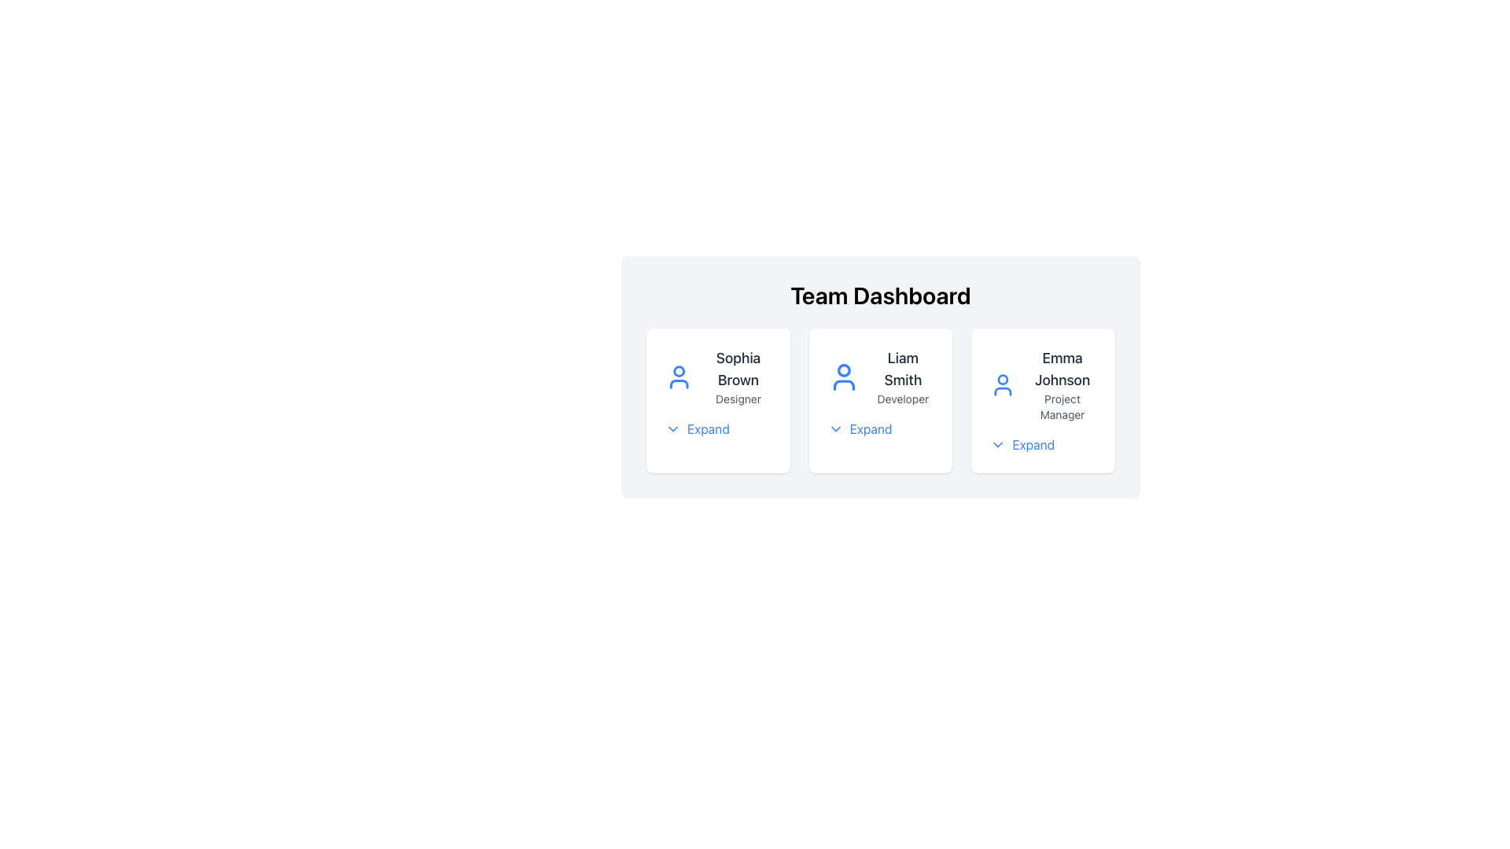 This screenshot has height=849, width=1510. What do you see at coordinates (1043, 384) in the screenshot?
I see `the profile icon of the Profile Card for 'Emma Johnson', which is the third item in a row of similar elements, to initiate actions` at bounding box center [1043, 384].